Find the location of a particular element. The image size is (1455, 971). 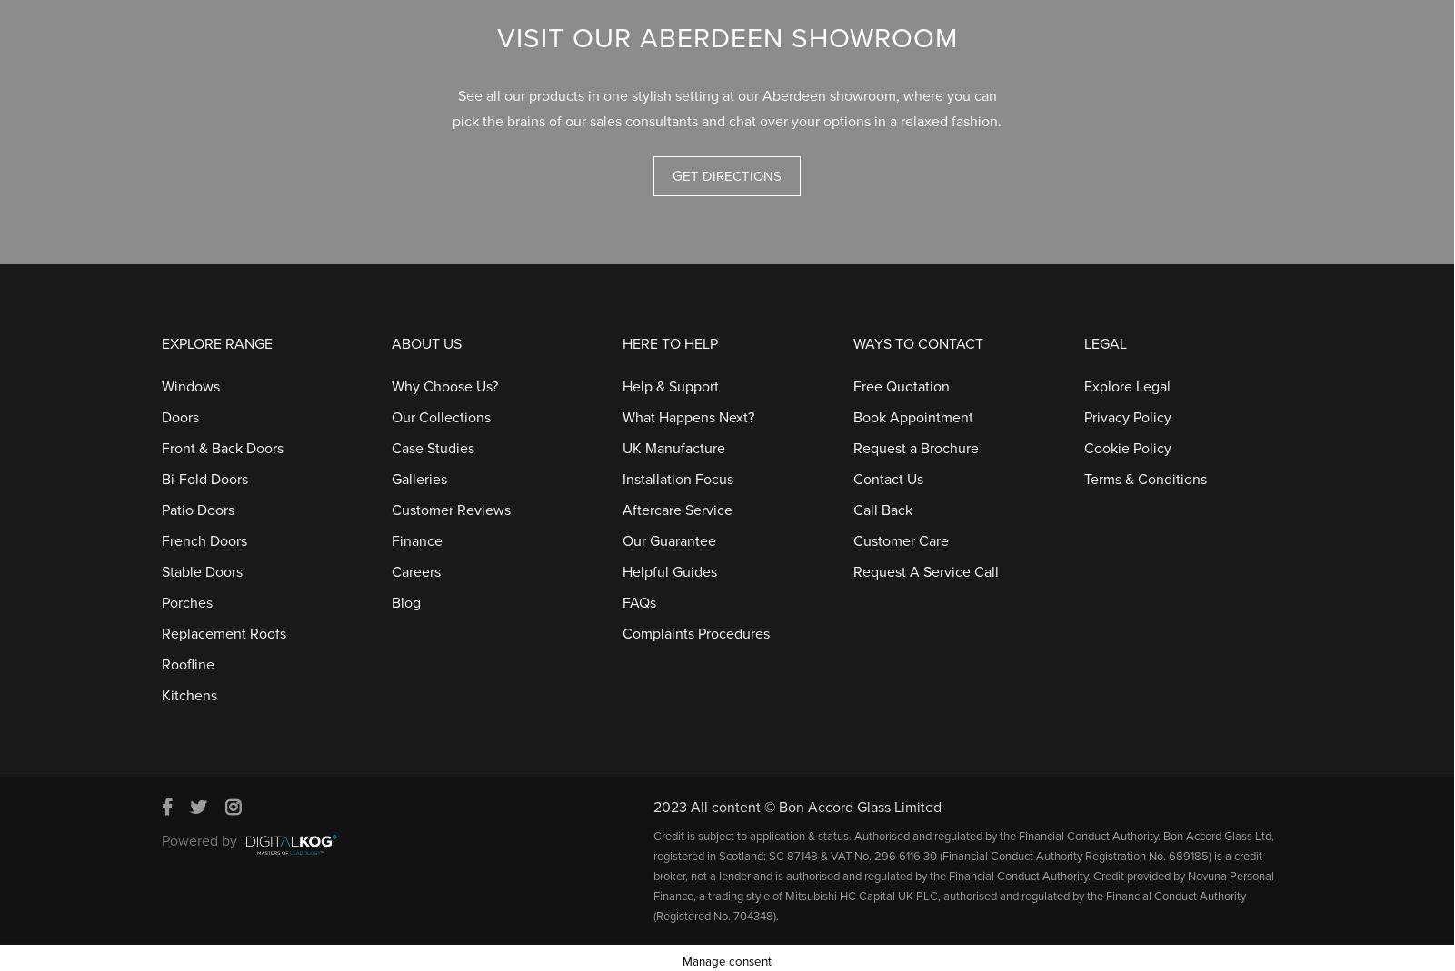

'Case Studies' is located at coordinates (432, 440).